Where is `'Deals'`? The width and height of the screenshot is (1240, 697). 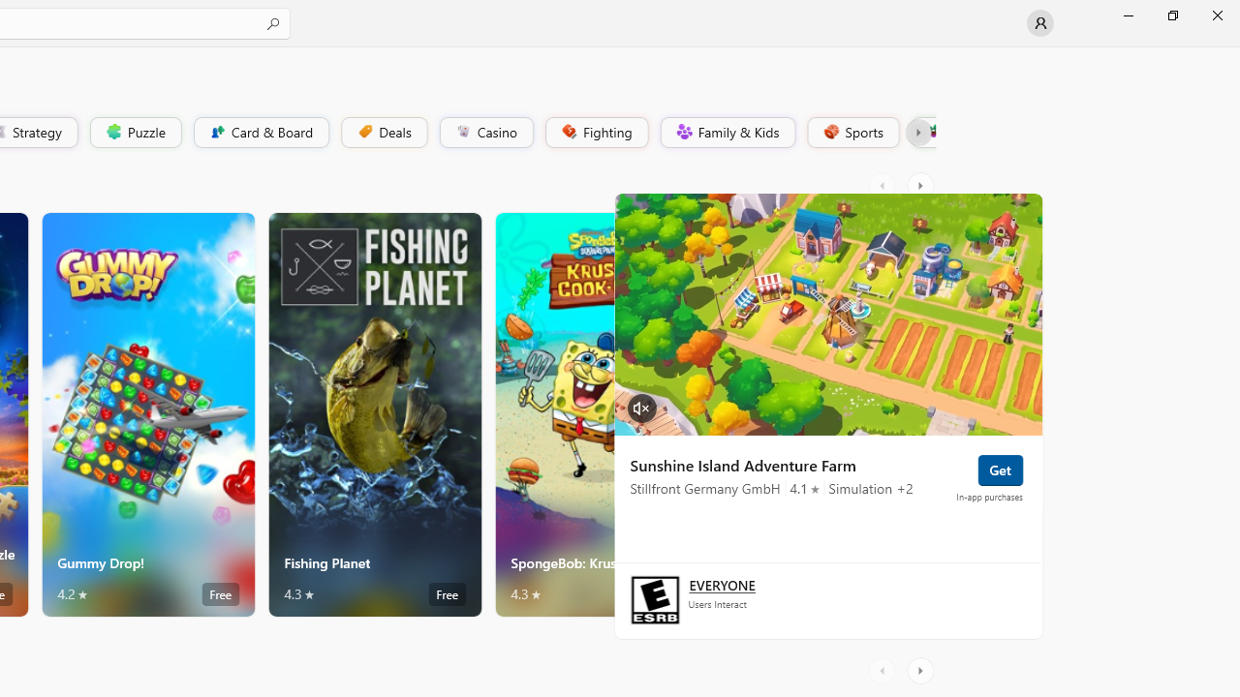
'Deals' is located at coordinates (383, 131).